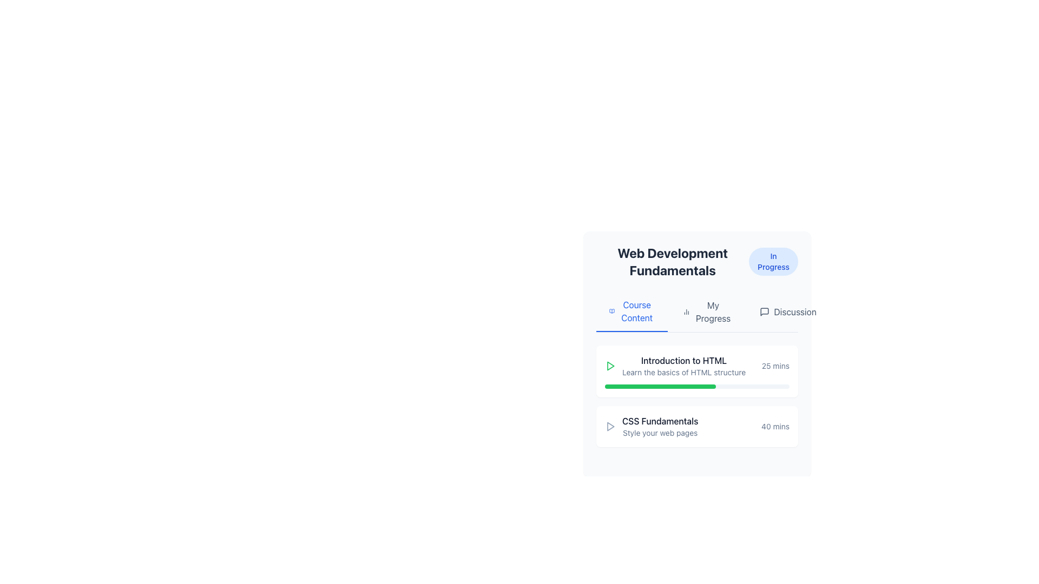 The height and width of the screenshot is (584, 1039). Describe the element at coordinates (612, 311) in the screenshot. I see `the 'Course Content' icon located at the top-left corner of the 'Course Content' tab component` at that location.